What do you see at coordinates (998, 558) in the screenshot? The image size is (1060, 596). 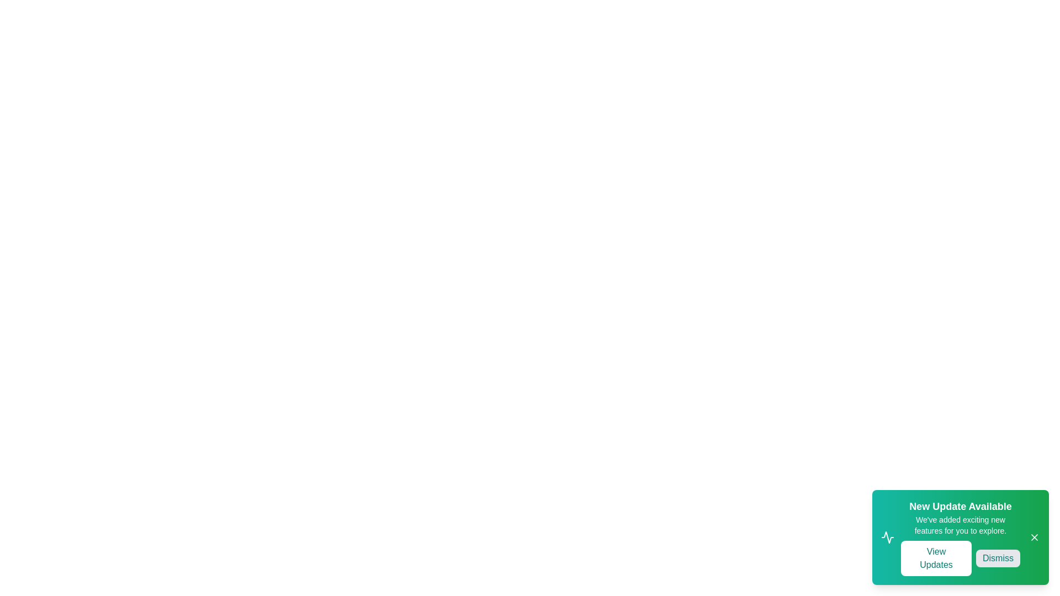 I see `the 'Dismiss' button to close the snackbar` at bounding box center [998, 558].